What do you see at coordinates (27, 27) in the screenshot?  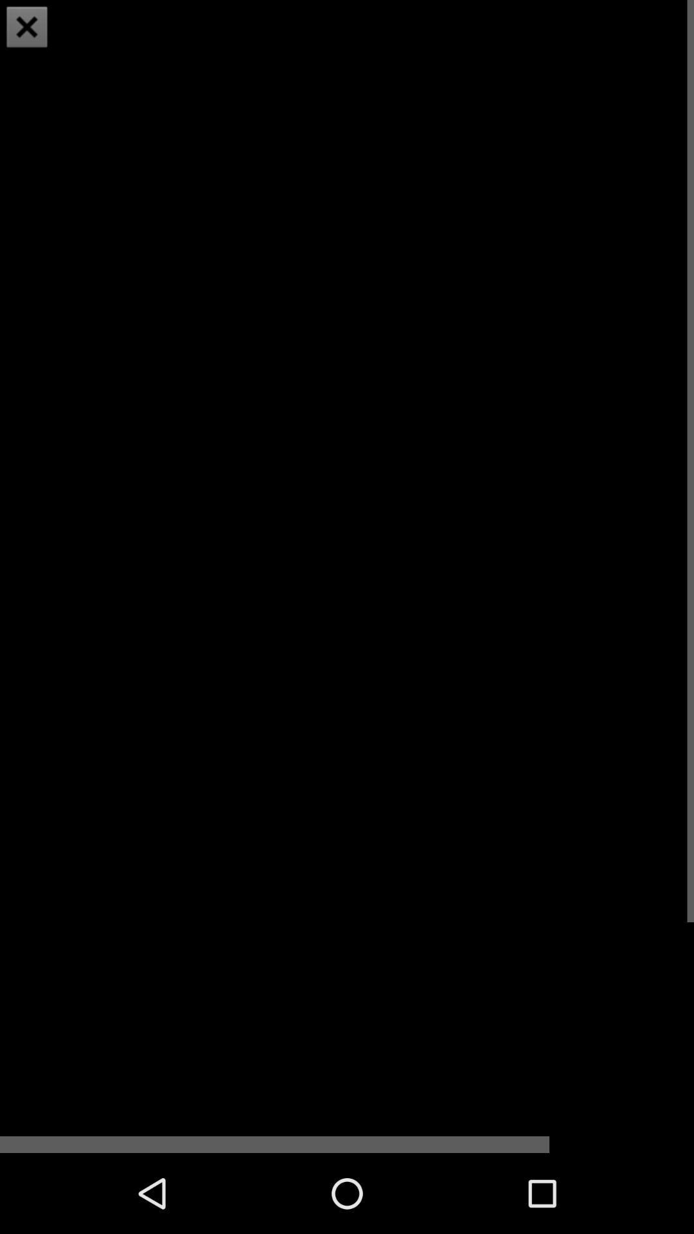 I see `item at the top left corner` at bounding box center [27, 27].